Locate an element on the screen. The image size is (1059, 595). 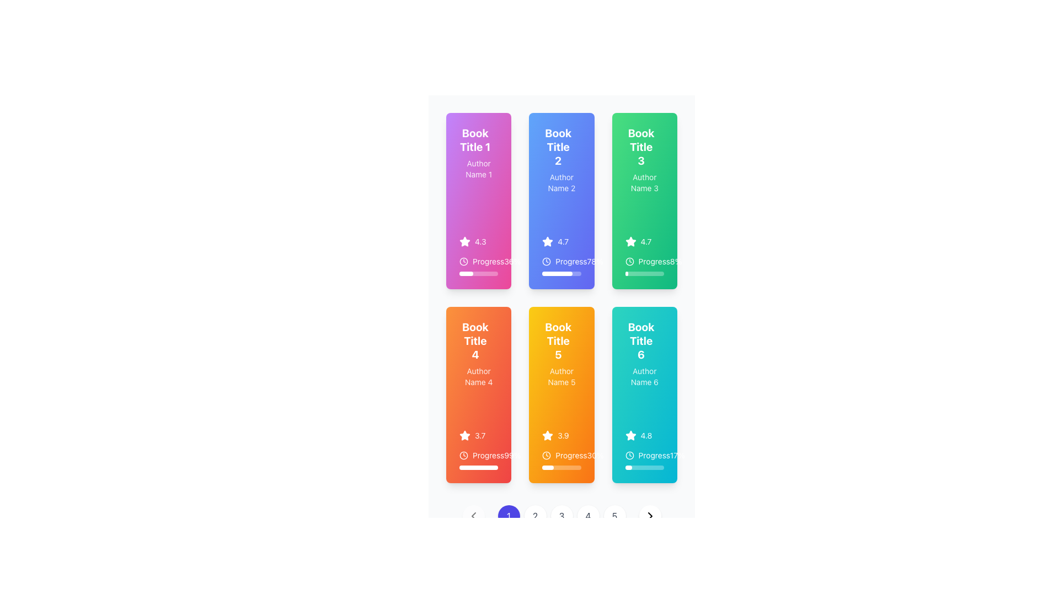
the text label displaying the title 'Book Title 1' located at the top of the first card in the grid interface to trigger any hover behavior is located at coordinates (479, 142).